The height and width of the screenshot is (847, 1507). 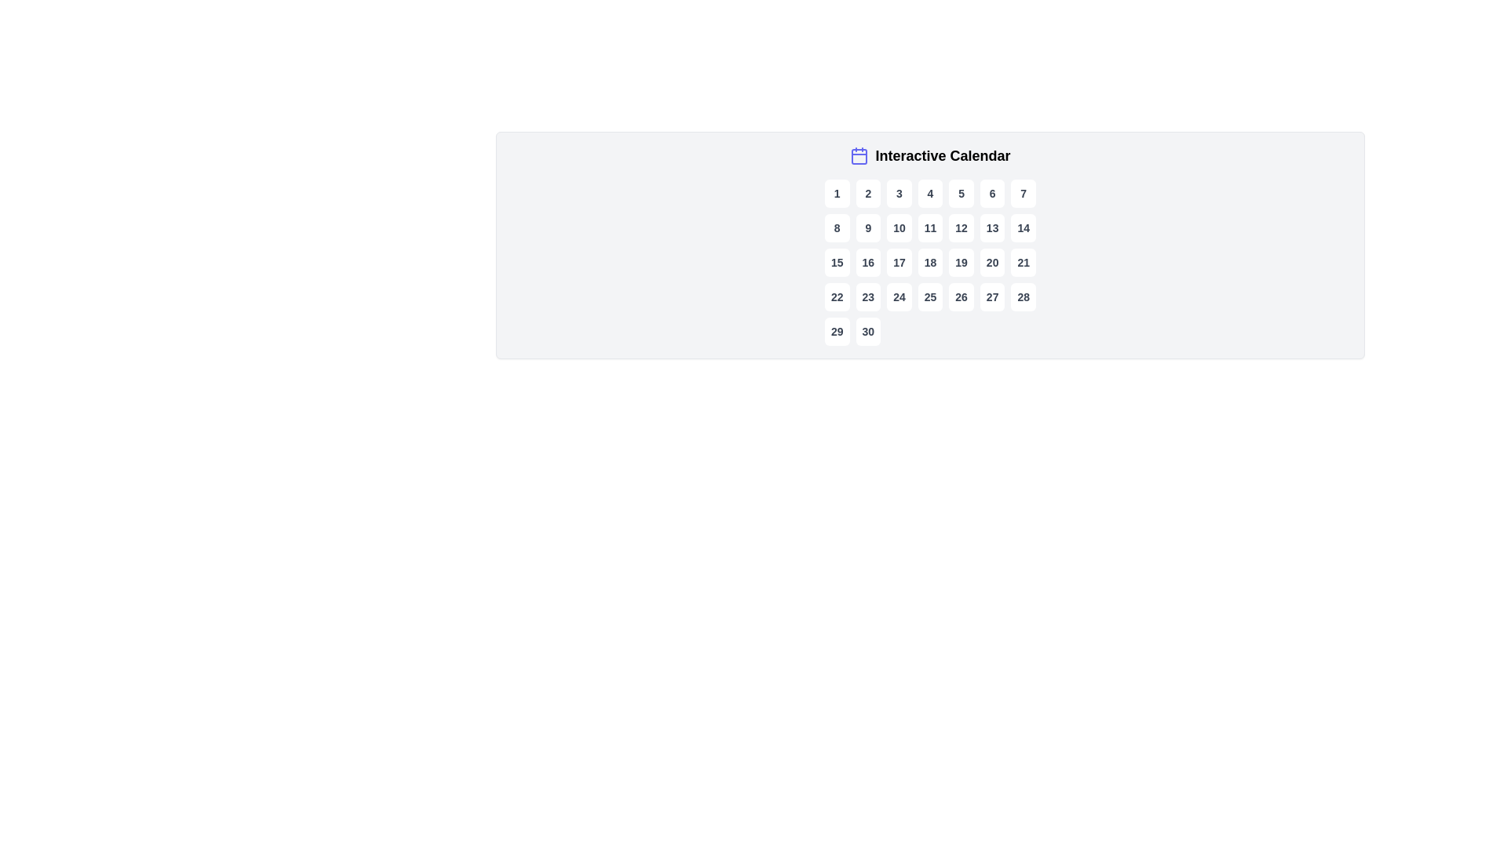 What do you see at coordinates (836, 331) in the screenshot?
I see `the button representing the selectable date of the 29th in the calendar interface` at bounding box center [836, 331].